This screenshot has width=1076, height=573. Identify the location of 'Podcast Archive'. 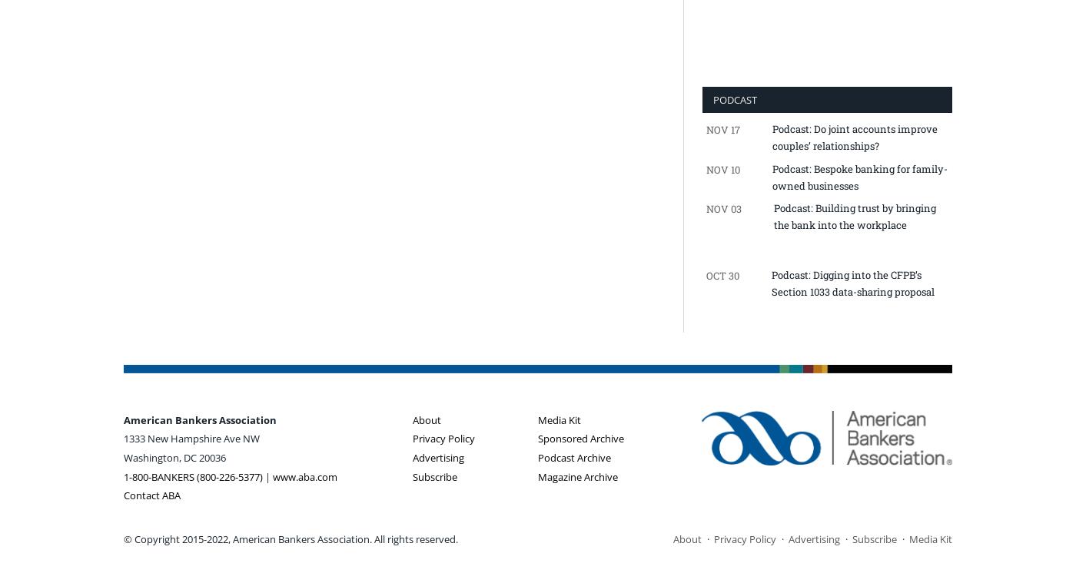
(538, 456).